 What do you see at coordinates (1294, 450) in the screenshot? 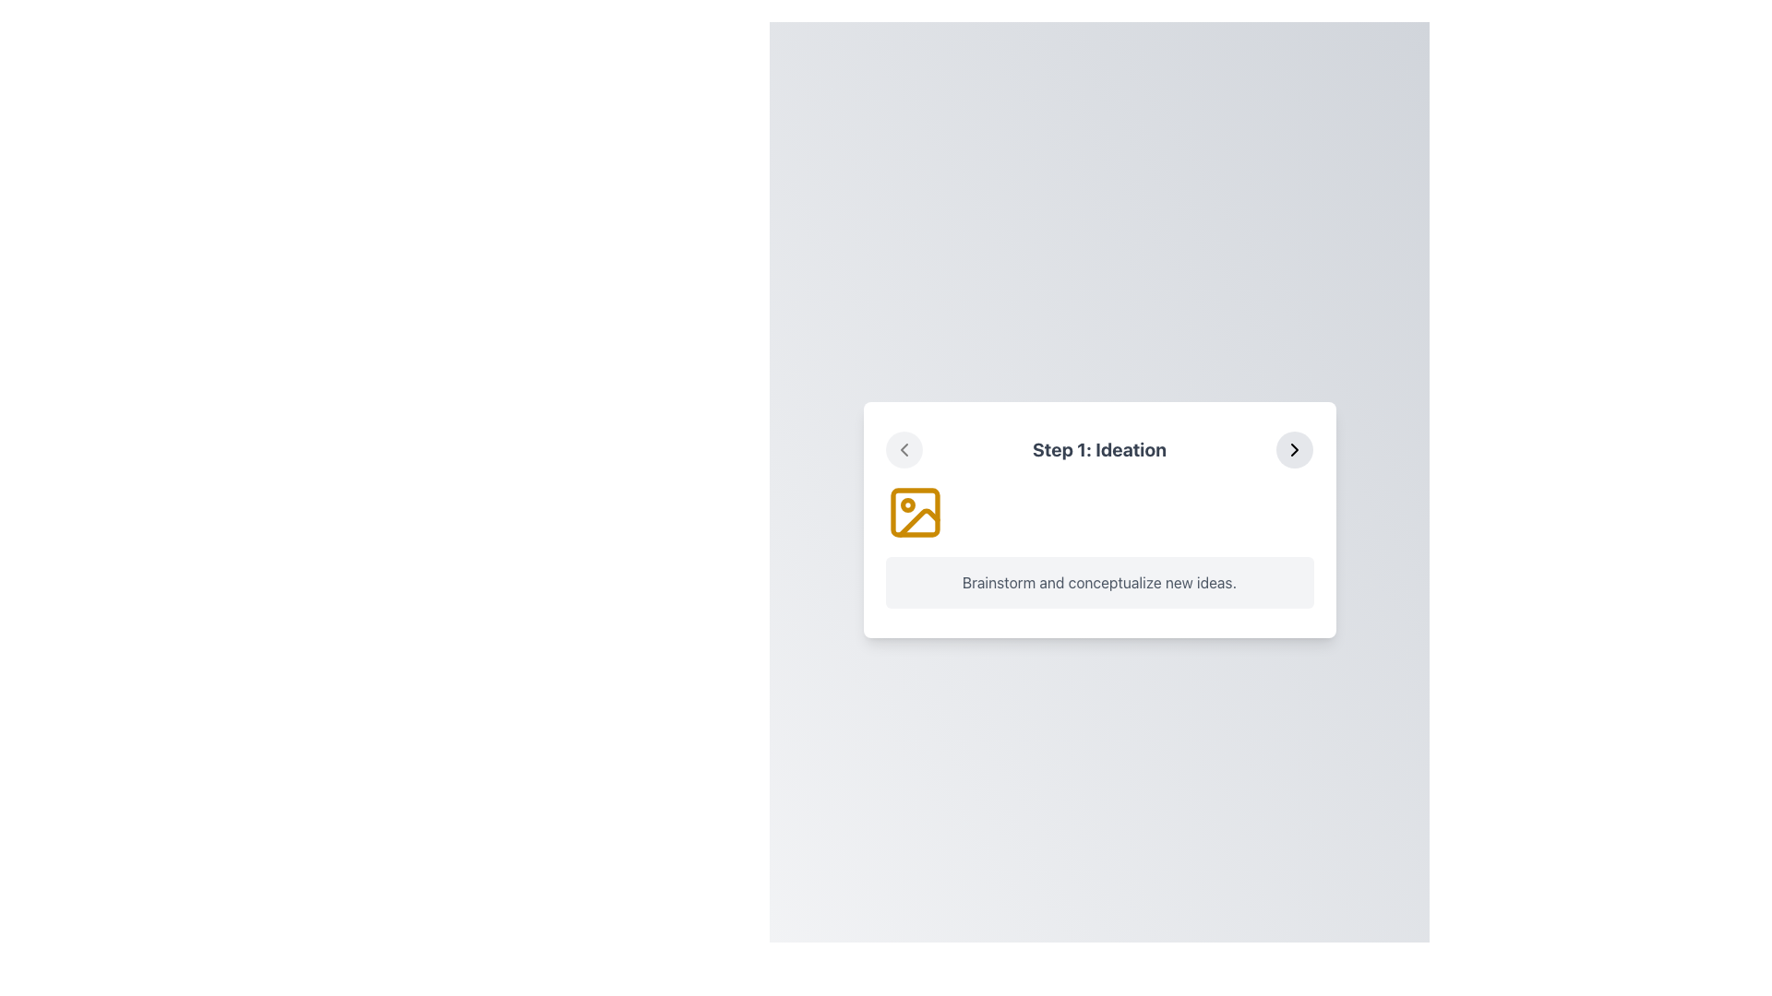
I see `the rightward-pointing chevron icon button located in the top-right corner of the 'Step 1: Ideation' card` at bounding box center [1294, 450].